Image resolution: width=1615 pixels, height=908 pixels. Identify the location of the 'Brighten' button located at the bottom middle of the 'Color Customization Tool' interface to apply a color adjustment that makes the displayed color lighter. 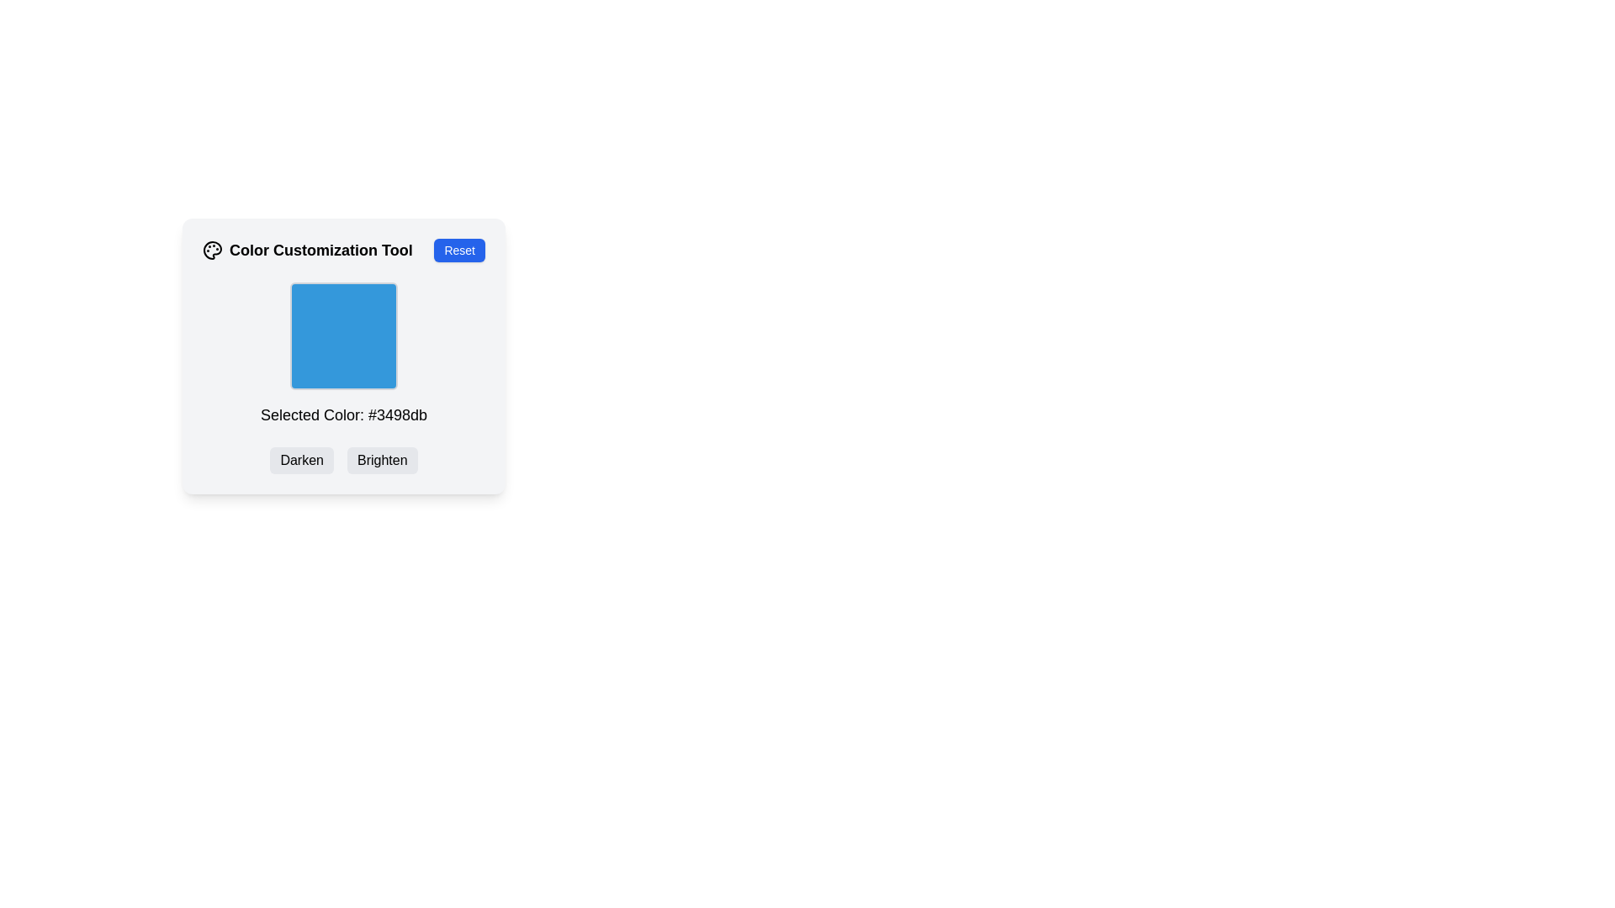
(381, 460).